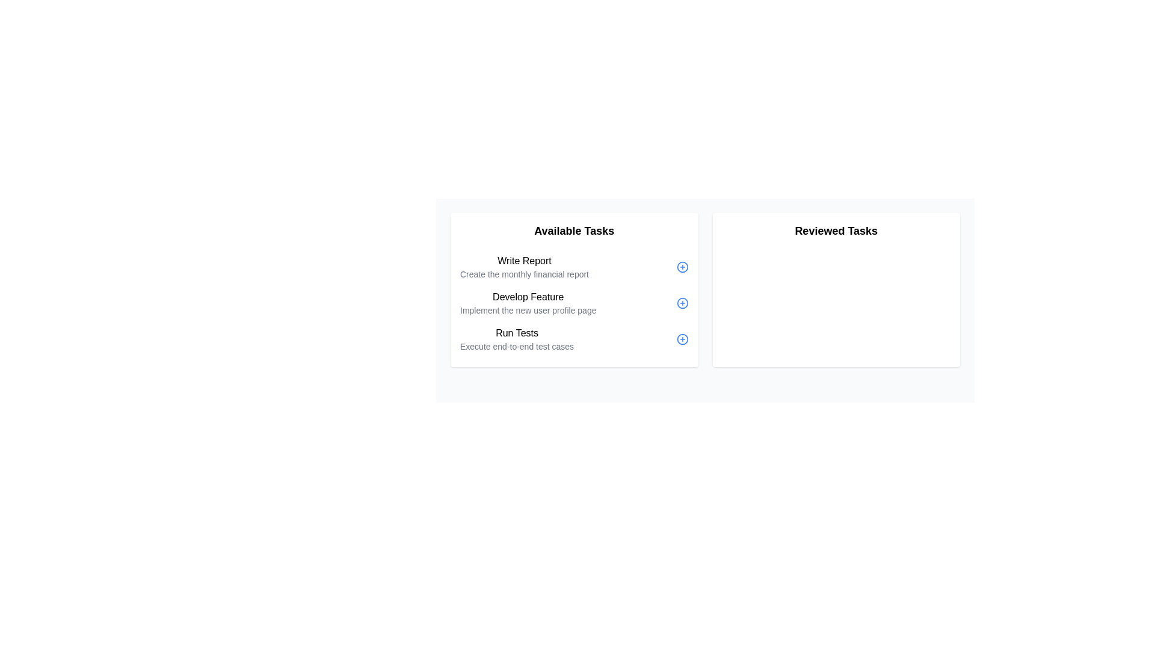 This screenshot has height=650, width=1155. Describe the element at coordinates (573, 339) in the screenshot. I see `the third task item entry under the 'Available Tasks' section` at that location.